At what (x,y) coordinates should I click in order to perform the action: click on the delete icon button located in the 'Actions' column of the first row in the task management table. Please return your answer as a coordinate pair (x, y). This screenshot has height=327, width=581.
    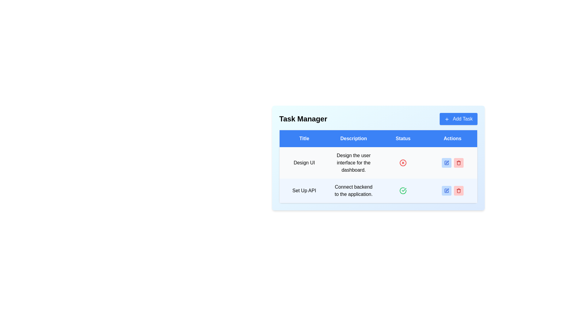
    Looking at the image, I should click on (458, 162).